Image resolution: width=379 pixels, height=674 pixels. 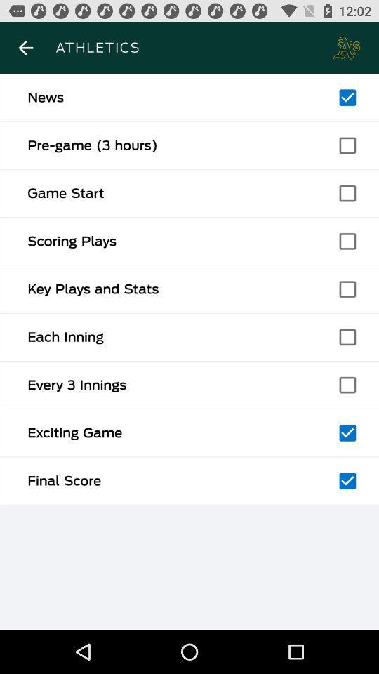 What do you see at coordinates (347, 481) in the screenshot?
I see `option` at bounding box center [347, 481].